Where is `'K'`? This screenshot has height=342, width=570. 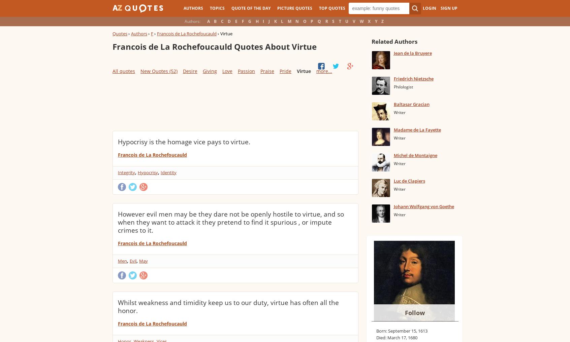
'K' is located at coordinates (275, 21).